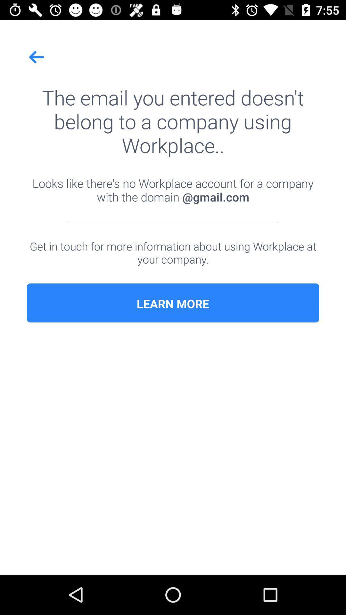  I want to click on icon at the top left corner, so click(37, 57).